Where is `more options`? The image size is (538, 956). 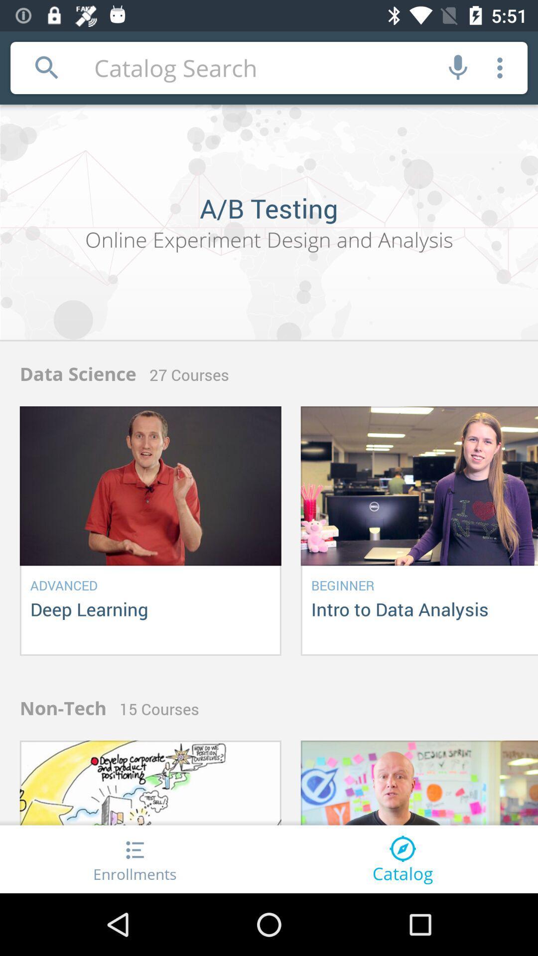 more options is located at coordinates (500, 67).